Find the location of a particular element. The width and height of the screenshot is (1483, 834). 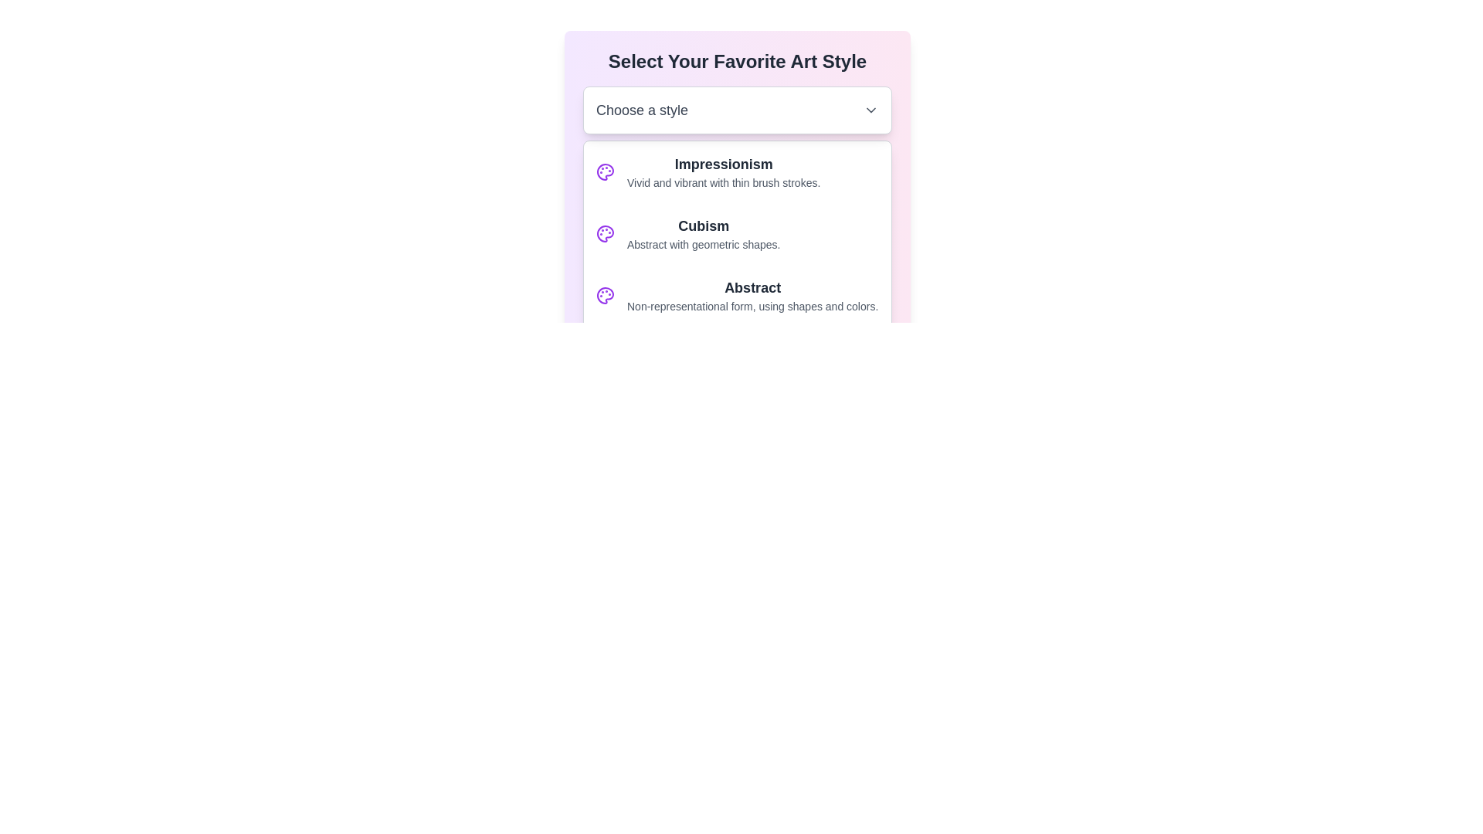

the third option in the dropdown menu labeled 'Choose a style' under the 'Select Your Favorite Art Style' section by clicking on it is located at coordinates (737, 264).